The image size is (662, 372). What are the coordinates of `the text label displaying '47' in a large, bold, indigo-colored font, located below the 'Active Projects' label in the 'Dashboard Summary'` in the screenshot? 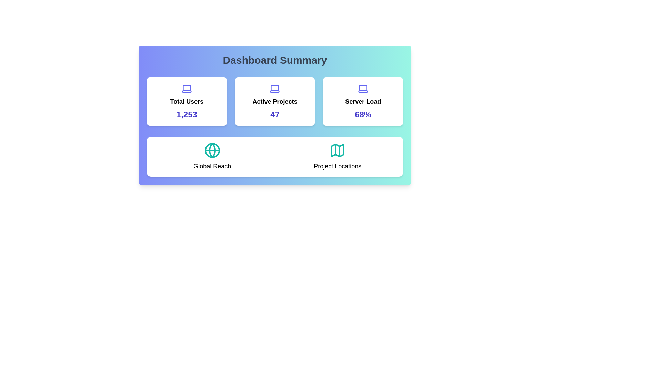 It's located at (274, 114).